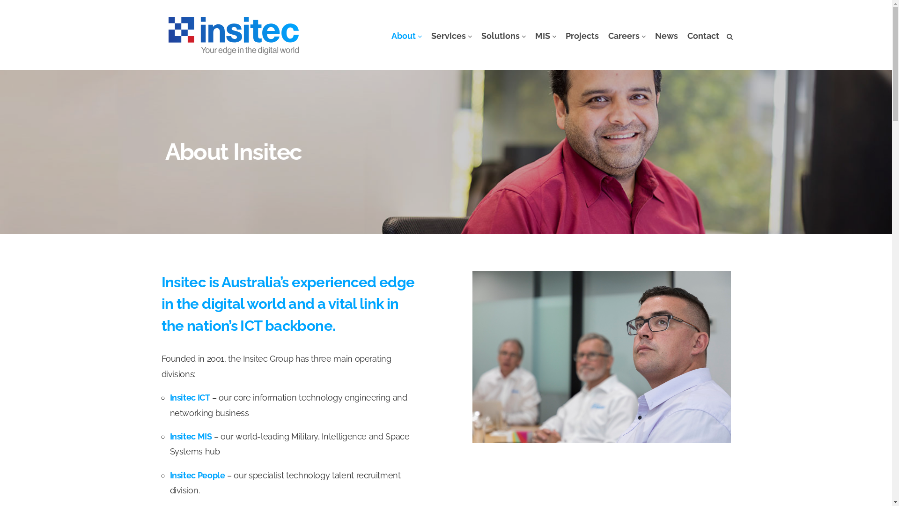 Image resolution: width=899 pixels, height=506 pixels. What do you see at coordinates (234, 36) in the screenshot?
I see `'Insitec Australia'` at bounding box center [234, 36].